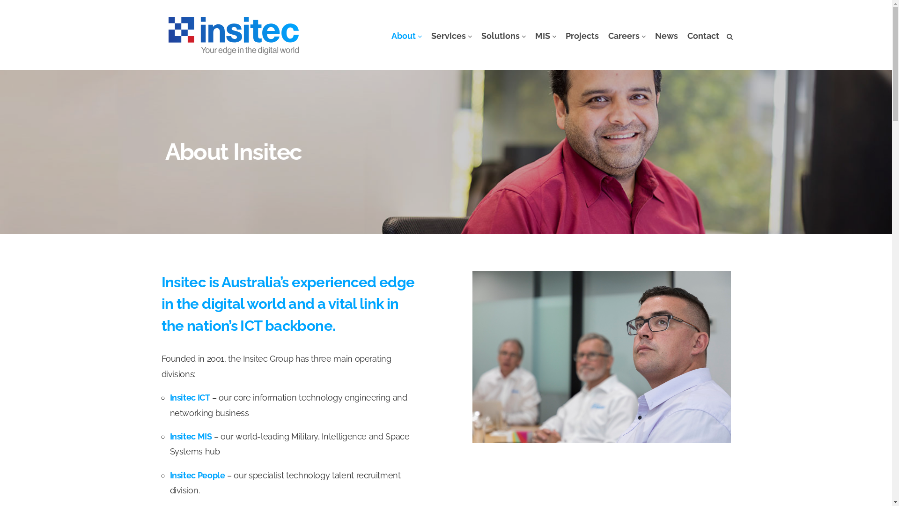 Image resolution: width=899 pixels, height=506 pixels. What do you see at coordinates (234, 36) in the screenshot?
I see `'Insitec Australia'` at bounding box center [234, 36].